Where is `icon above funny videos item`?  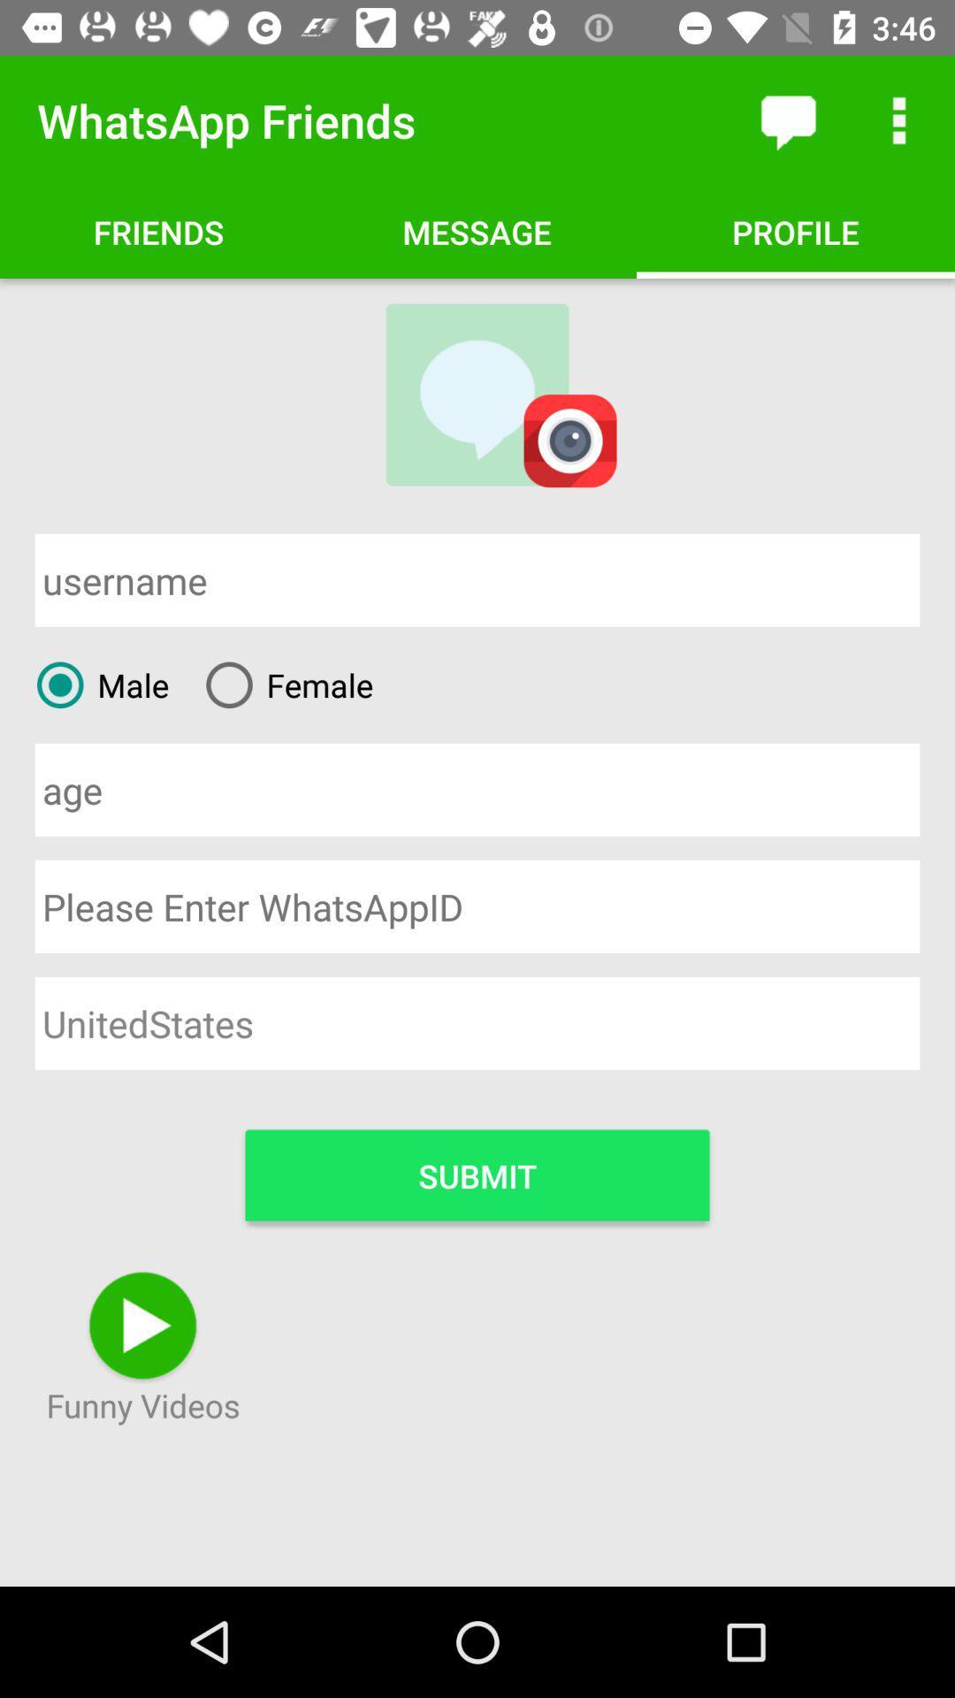 icon above funny videos item is located at coordinates (477, 1174).